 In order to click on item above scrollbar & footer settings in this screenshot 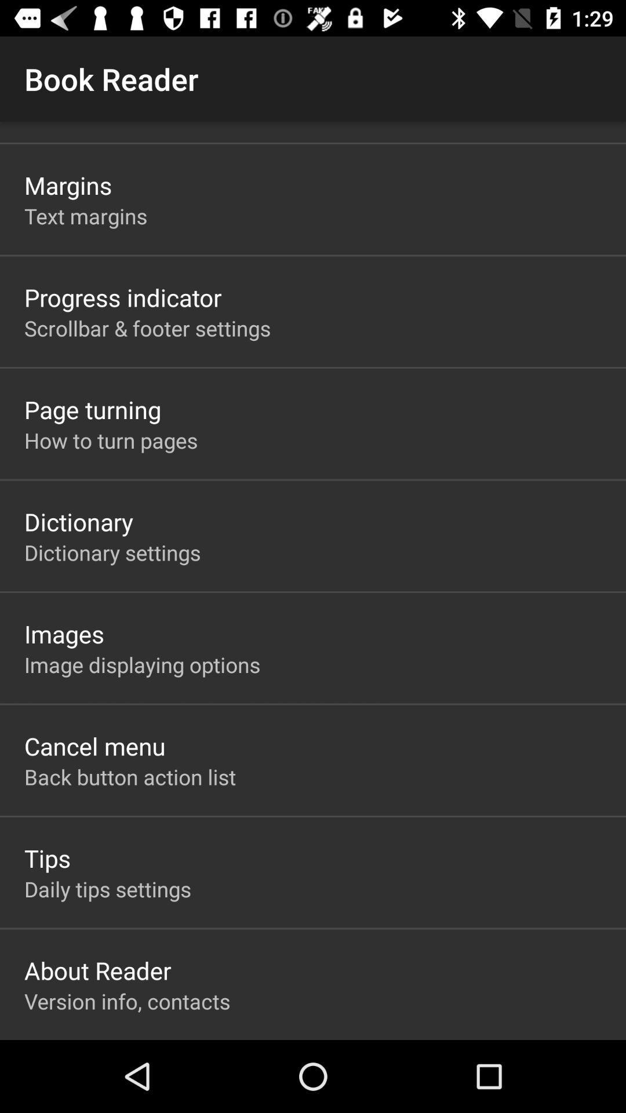, I will do `click(123, 297)`.